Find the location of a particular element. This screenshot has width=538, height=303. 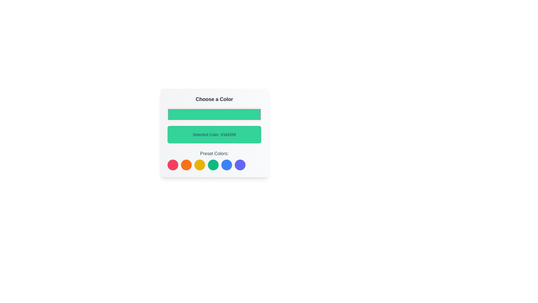

the text label that indicates the section contains preset color options, which is positioned above the row of circular color options is located at coordinates (214, 153).